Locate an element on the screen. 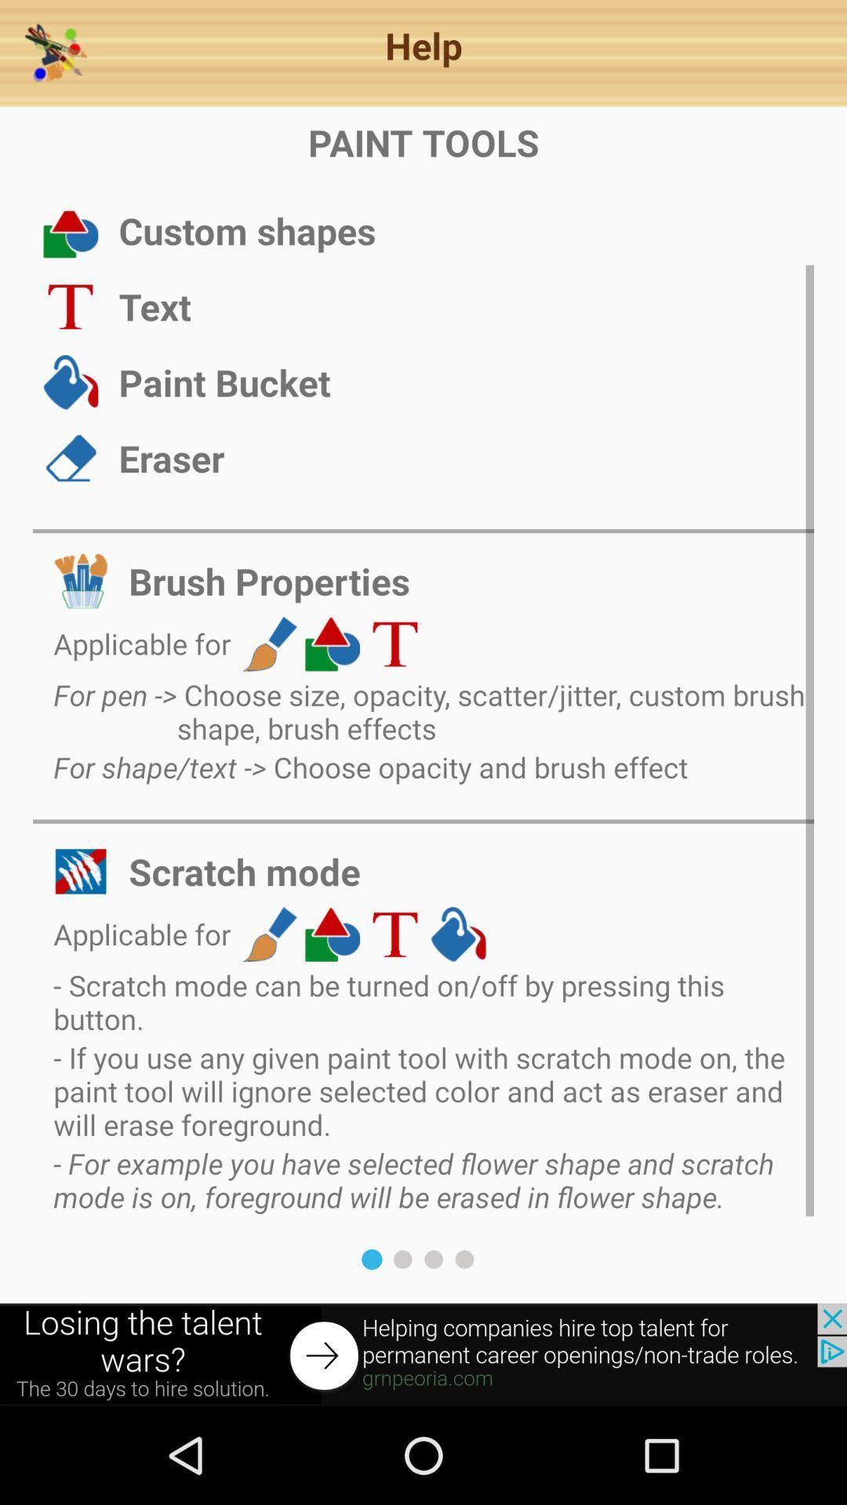  click advertisement is located at coordinates (423, 1354).